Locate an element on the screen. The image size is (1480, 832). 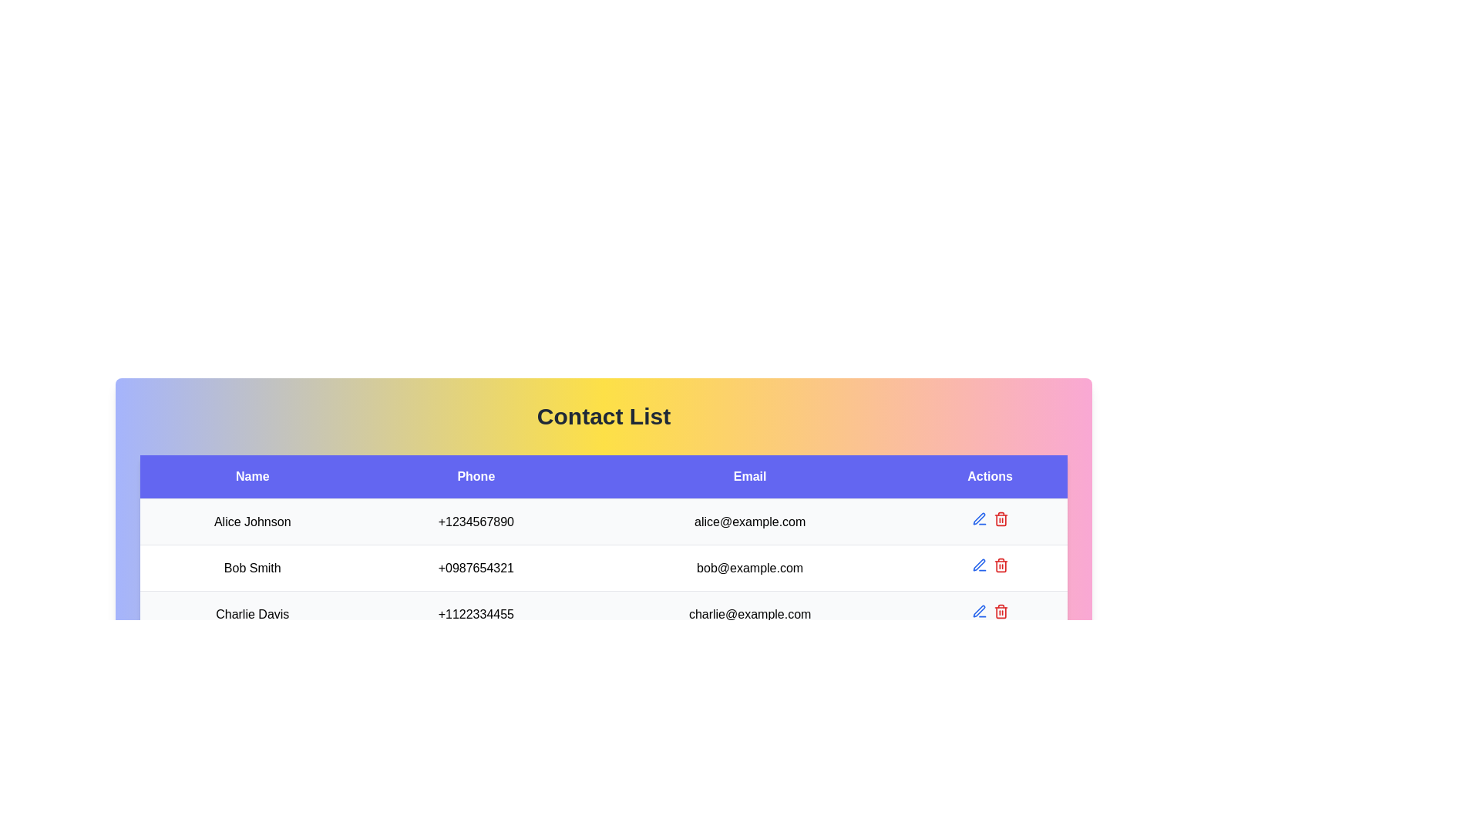
the red trash can icon, which is the second icon in the 'Actions' column for 'Alice Johnson' is located at coordinates (1001, 519).